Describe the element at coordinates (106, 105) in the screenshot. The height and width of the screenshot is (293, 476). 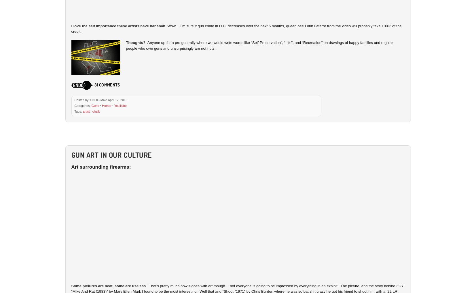
I see `'Humor'` at that location.